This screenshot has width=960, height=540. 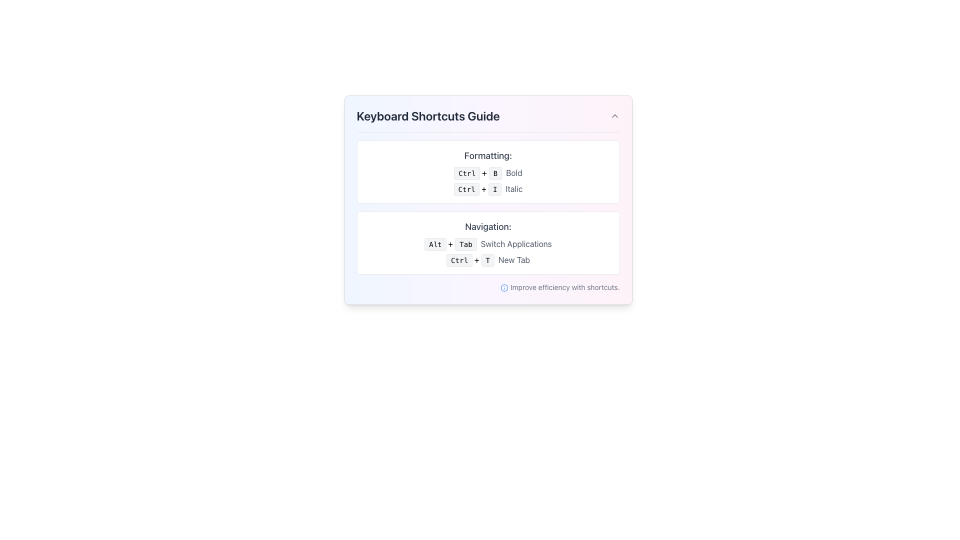 What do you see at coordinates (450, 244) in the screenshot?
I see `information displayed by the '+' character, which visually separates the keyboard shortcut 'Alt' and 'Tab' in the context of the 'Alt+TabSwitch Applications' instruction` at bounding box center [450, 244].